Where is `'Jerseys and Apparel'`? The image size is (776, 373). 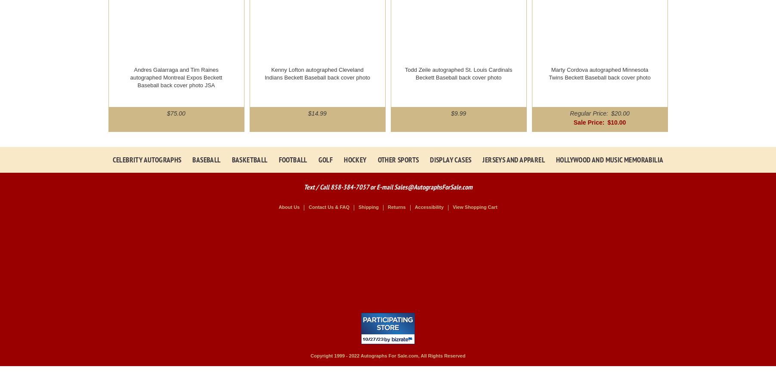
'Jerseys and Apparel' is located at coordinates (513, 159).